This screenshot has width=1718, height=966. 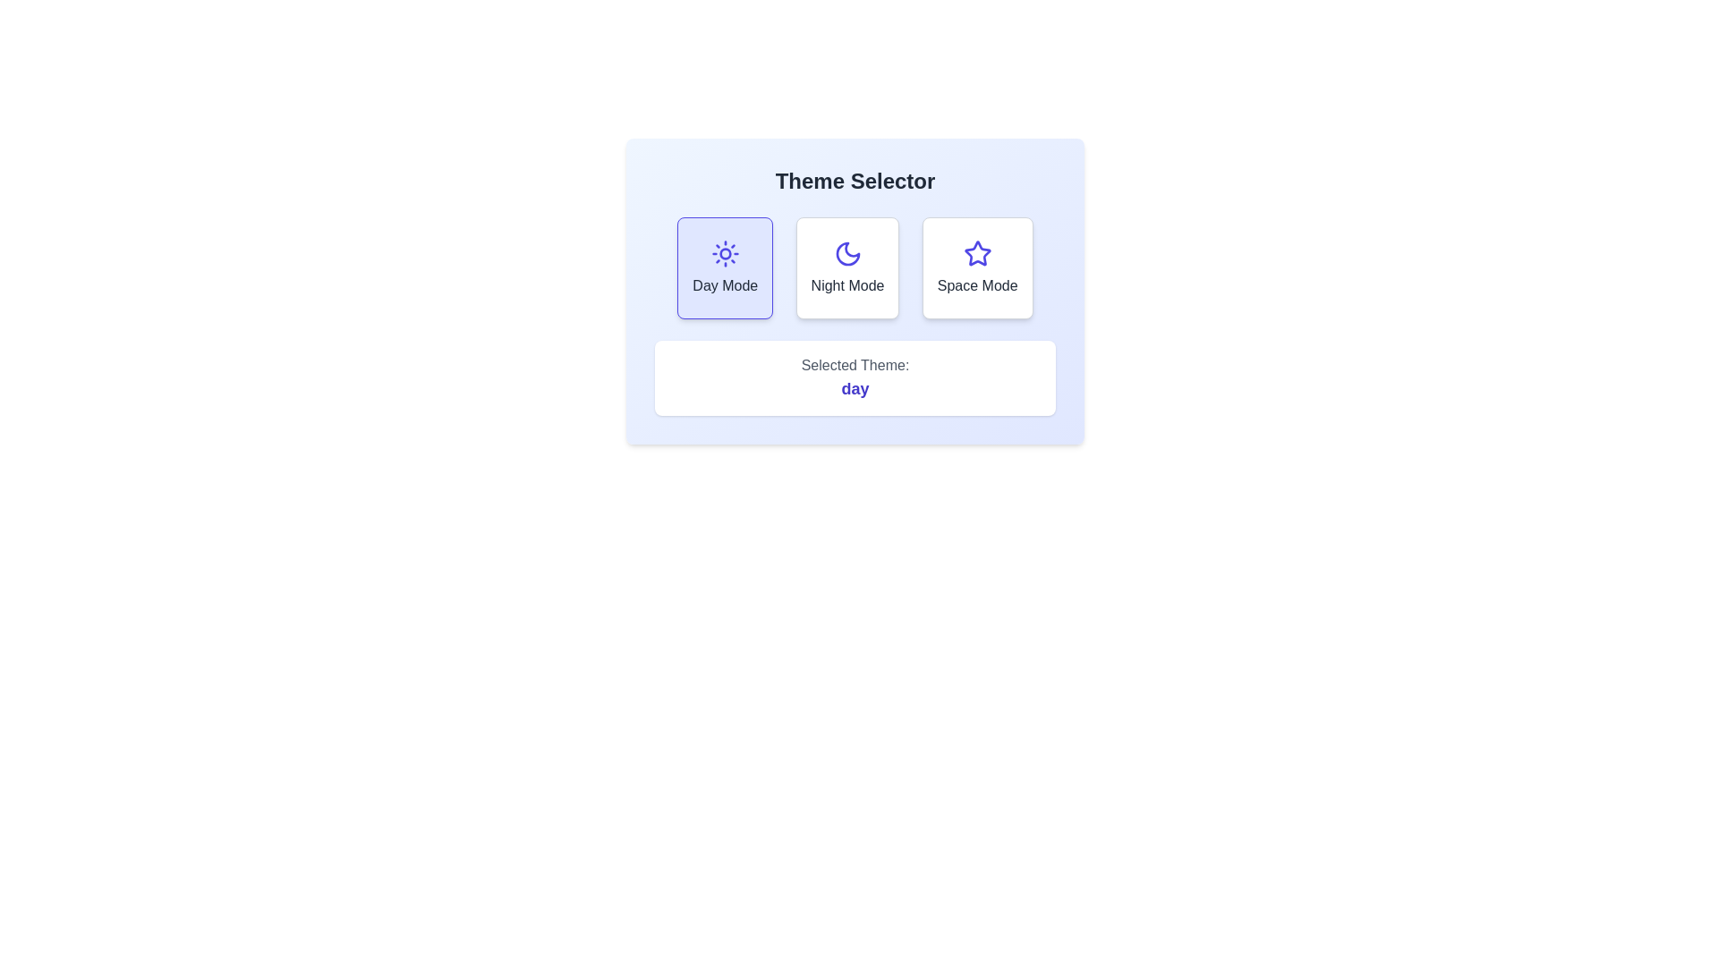 I want to click on the Night Mode button, which is the second card in the Theme Selector section, to observe potential visual feedback, so click(x=846, y=268).